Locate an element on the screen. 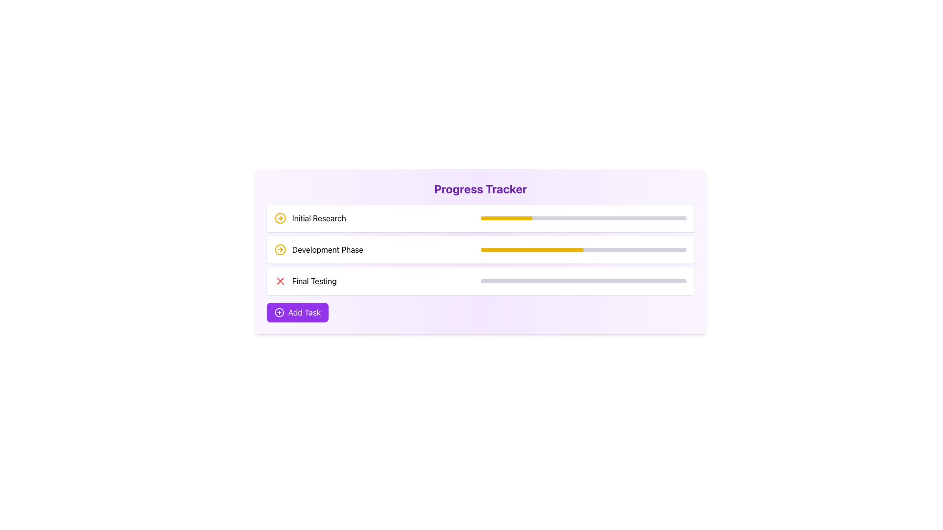 The width and height of the screenshot is (943, 530). the progress visually by focusing on the yellow rectangular bar within the 'Development Phase' progress indicator, which fills approximately half of the progress bar is located at coordinates (531, 249).